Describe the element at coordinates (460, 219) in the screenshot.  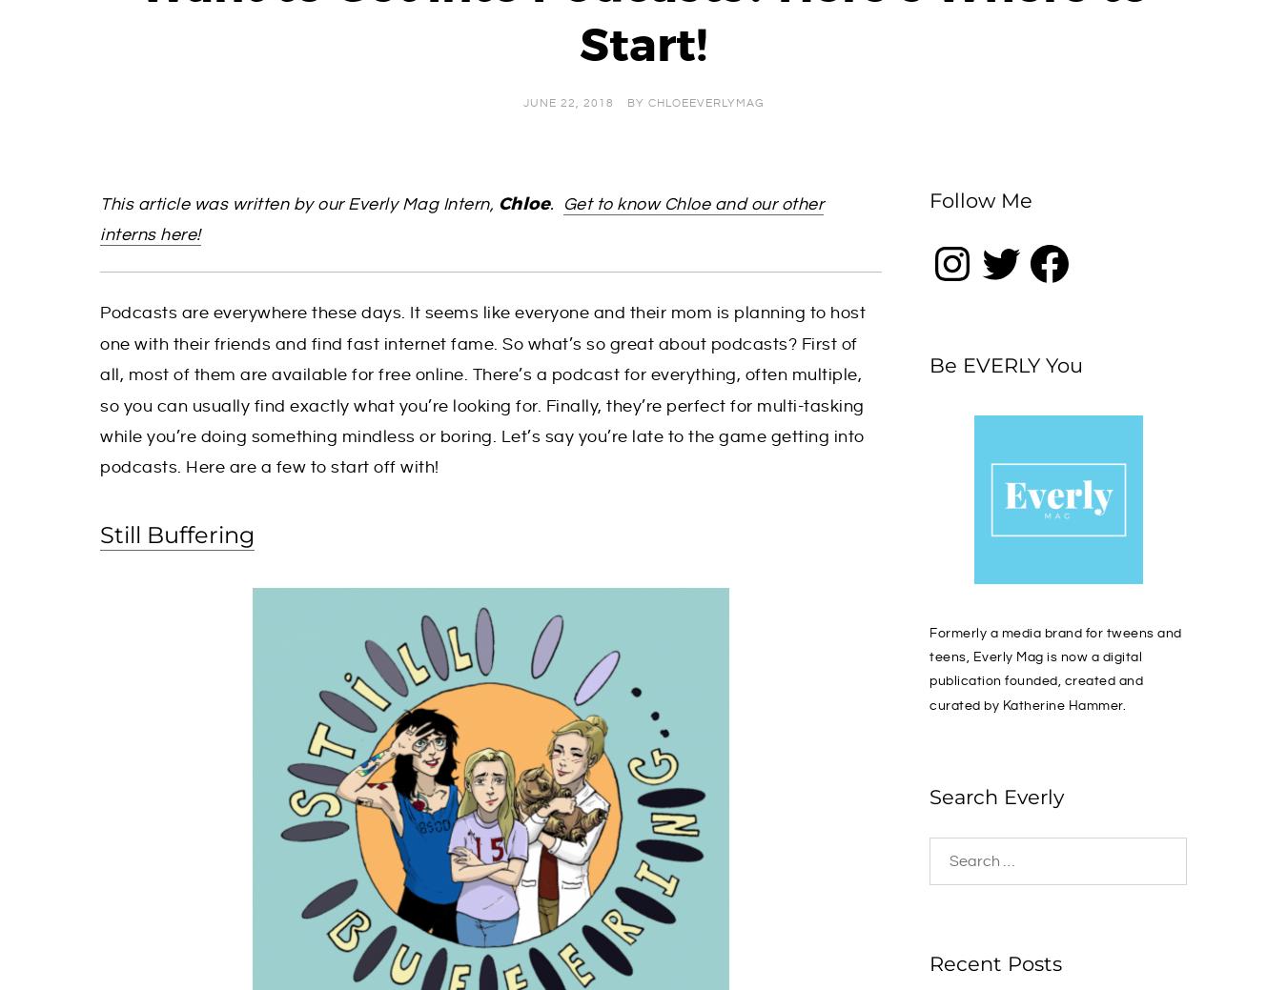
I see `'Get to know Chloe and our other interns here!'` at that location.